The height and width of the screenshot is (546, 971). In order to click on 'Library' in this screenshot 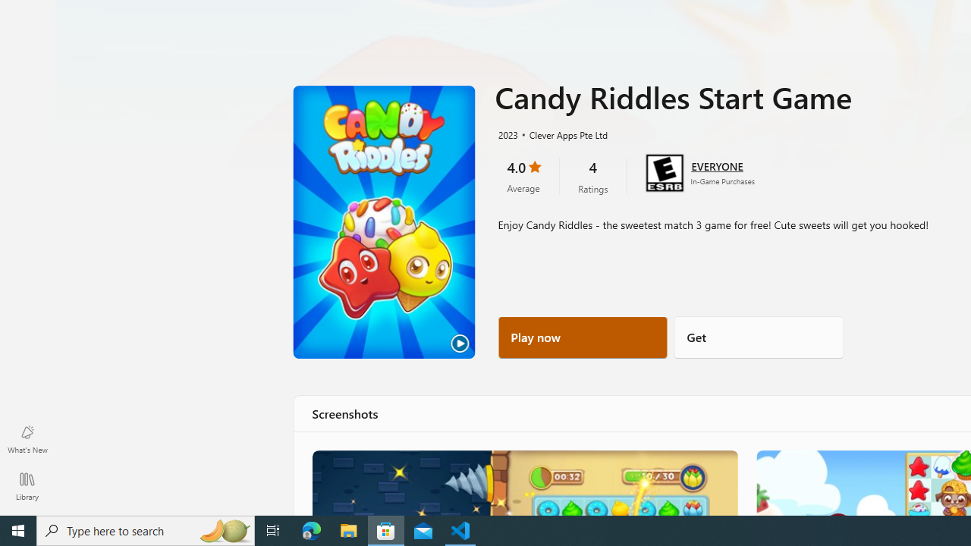, I will do `click(27, 485)`.